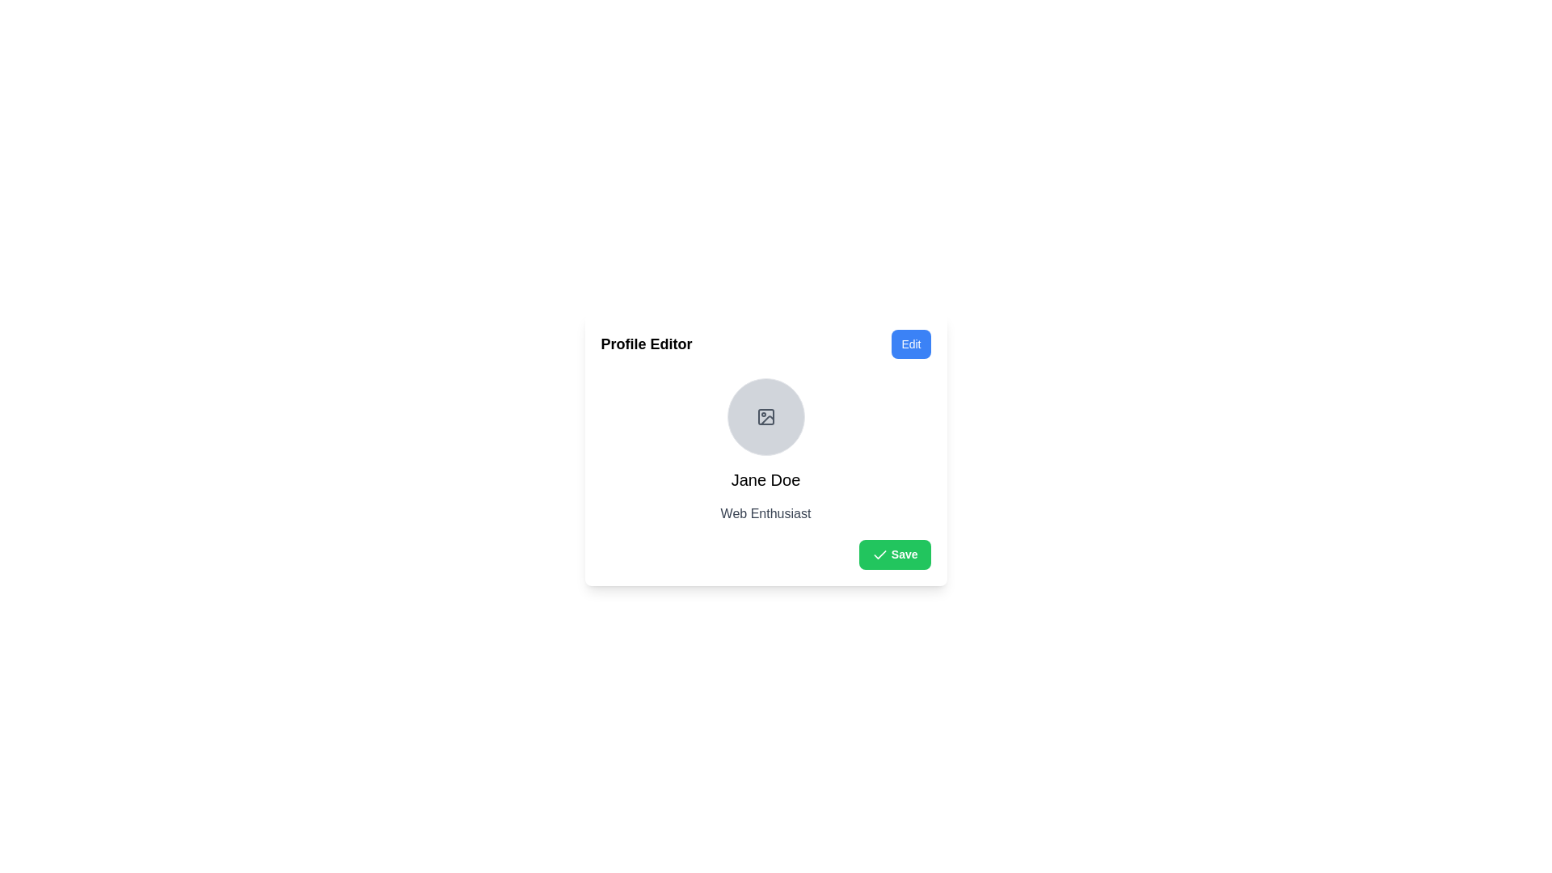 This screenshot has height=873, width=1552. I want to click on the bold text label displaying the profile owner's name, so click(765, 479).